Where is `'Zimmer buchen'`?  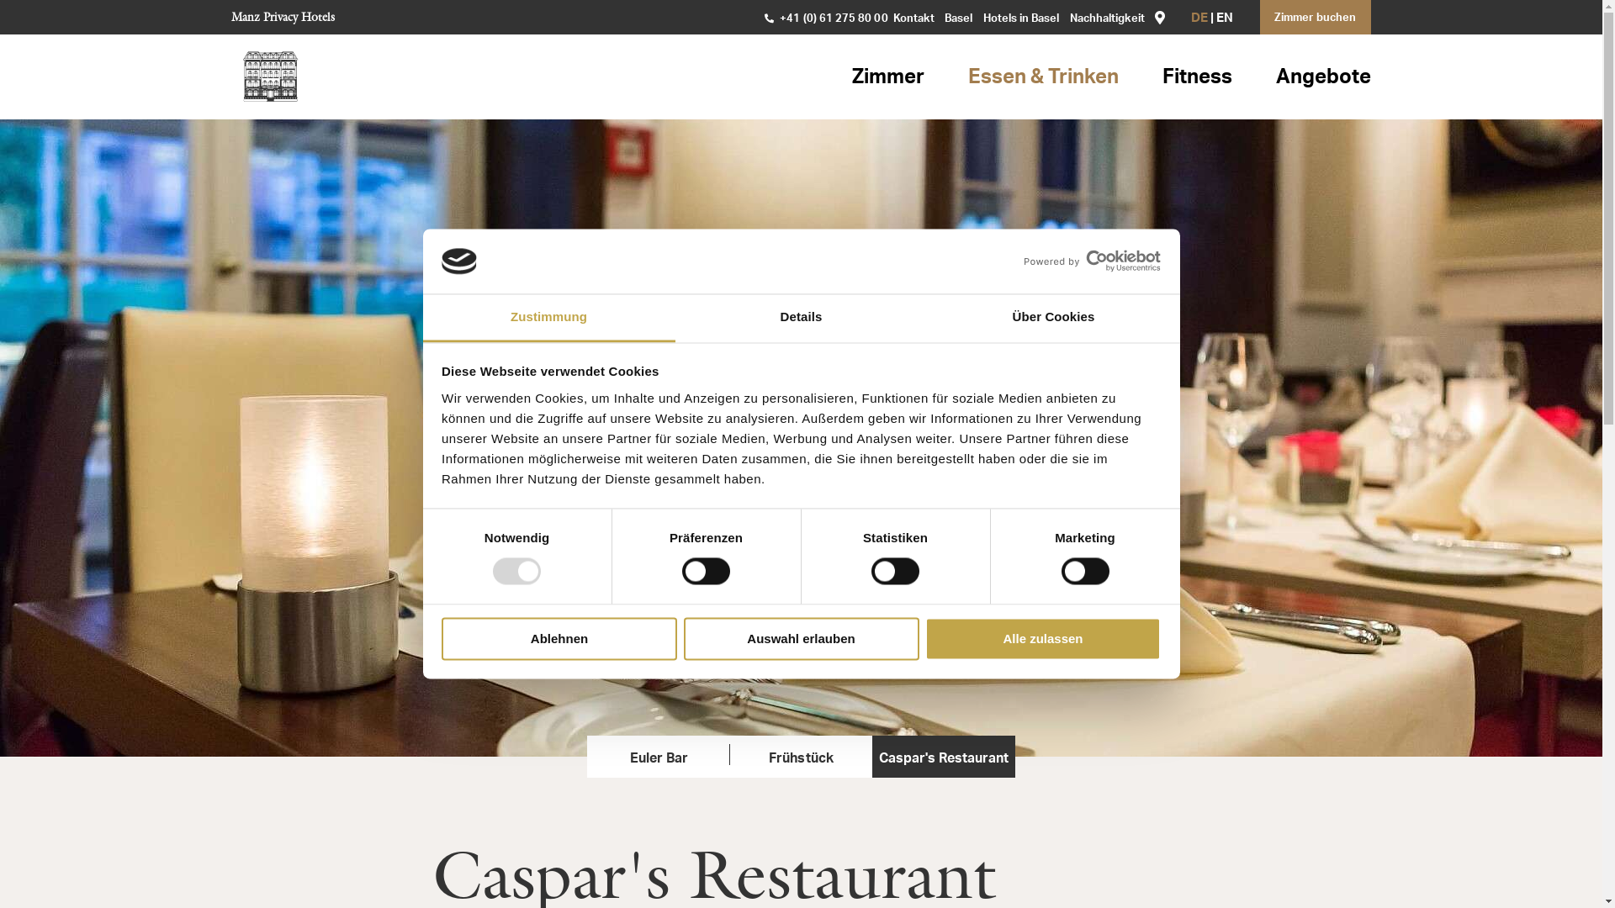 'Zimmer buchen' is located at coordinates (1315, 17).